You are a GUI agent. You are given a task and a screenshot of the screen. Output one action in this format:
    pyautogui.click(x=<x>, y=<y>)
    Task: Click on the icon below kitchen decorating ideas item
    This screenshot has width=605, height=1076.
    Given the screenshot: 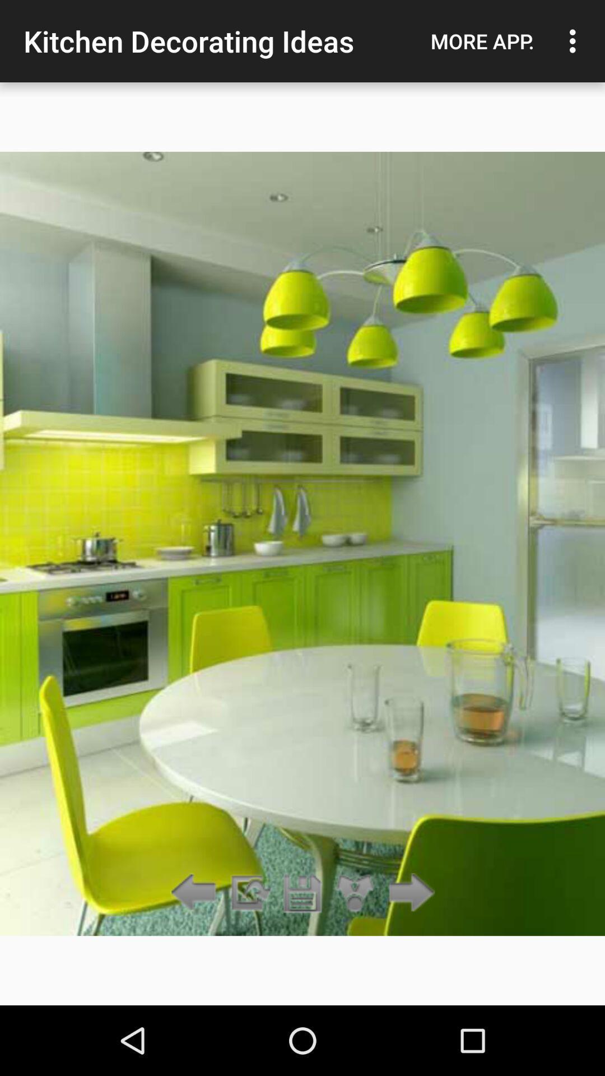 What is the action you would take?
    pyautogui.click(x=302, y=893)
    